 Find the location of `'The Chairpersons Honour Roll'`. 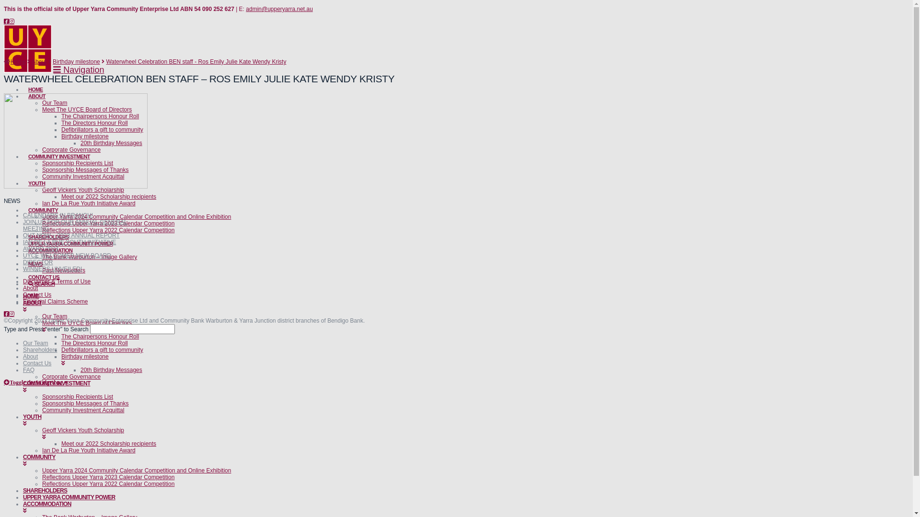

'The Chairpersons Honour Roll' is located at coordinates (100, 116).